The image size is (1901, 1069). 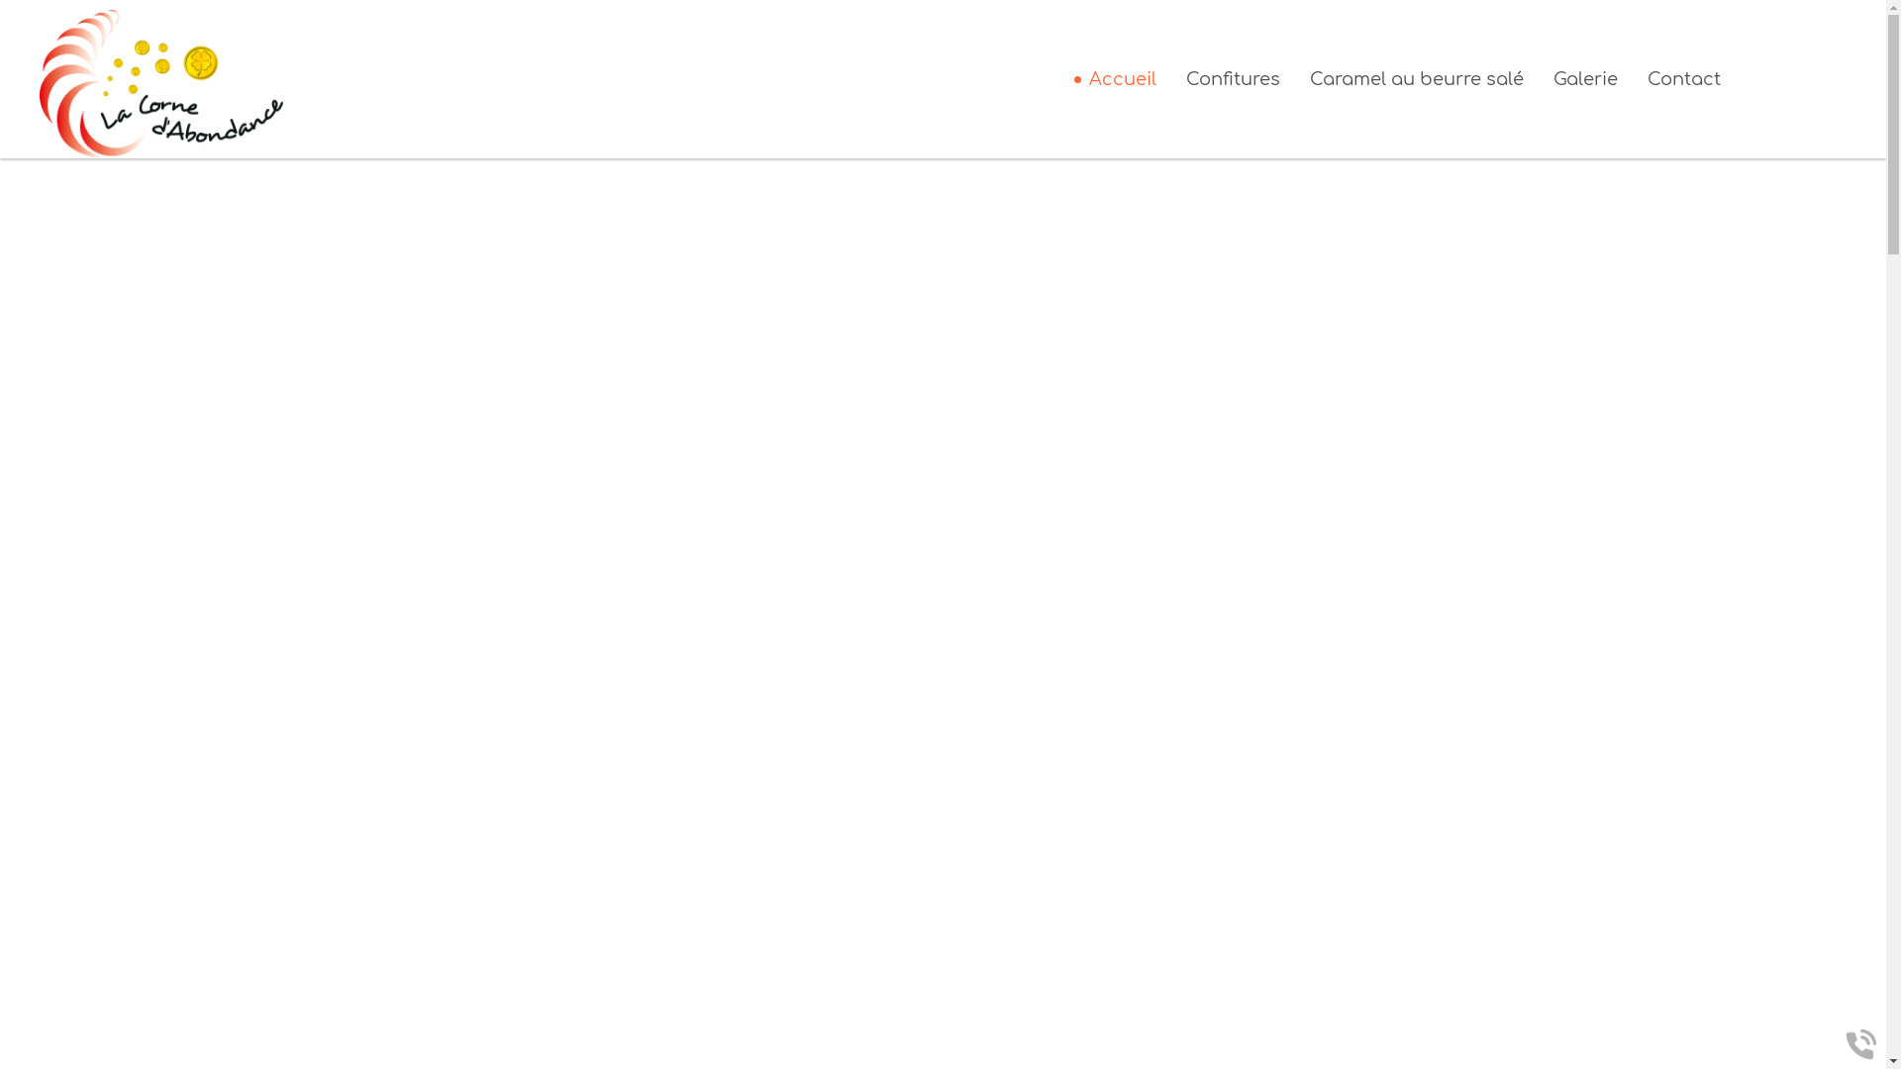 What do you see at coordinates (1682, 78) in the screenshot?
I see `'Contact'` at bounding box center [1682, 78].